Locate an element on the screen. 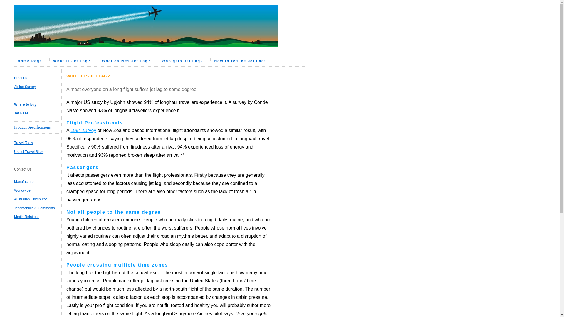  'What causes Jet Lag?' is located at coordinates (128, 60).